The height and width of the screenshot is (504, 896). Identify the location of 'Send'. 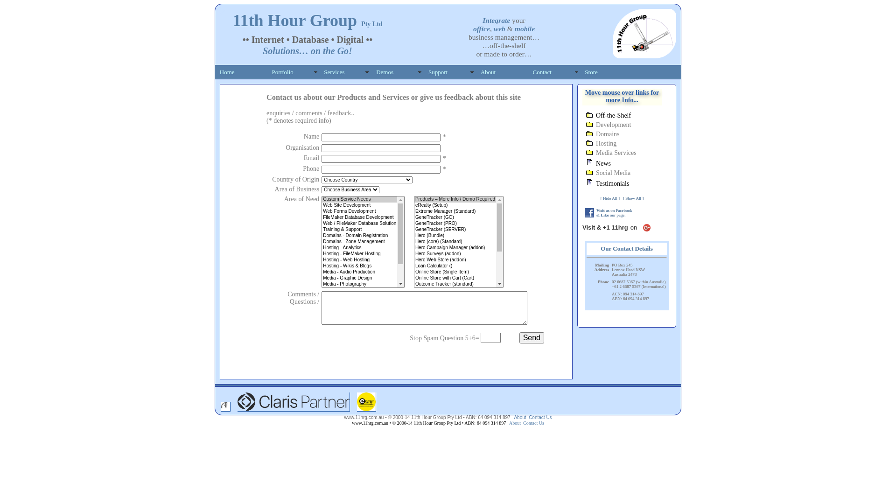
(532, 338).